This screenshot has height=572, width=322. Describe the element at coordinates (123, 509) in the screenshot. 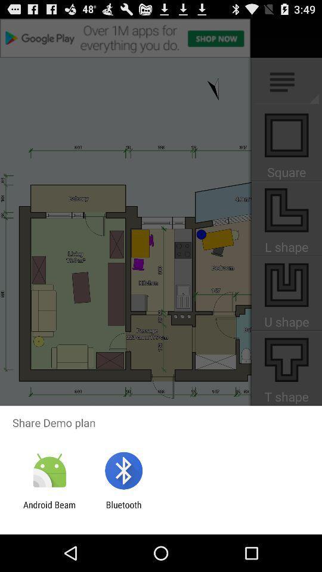

I see `bluetooth app` at that location.